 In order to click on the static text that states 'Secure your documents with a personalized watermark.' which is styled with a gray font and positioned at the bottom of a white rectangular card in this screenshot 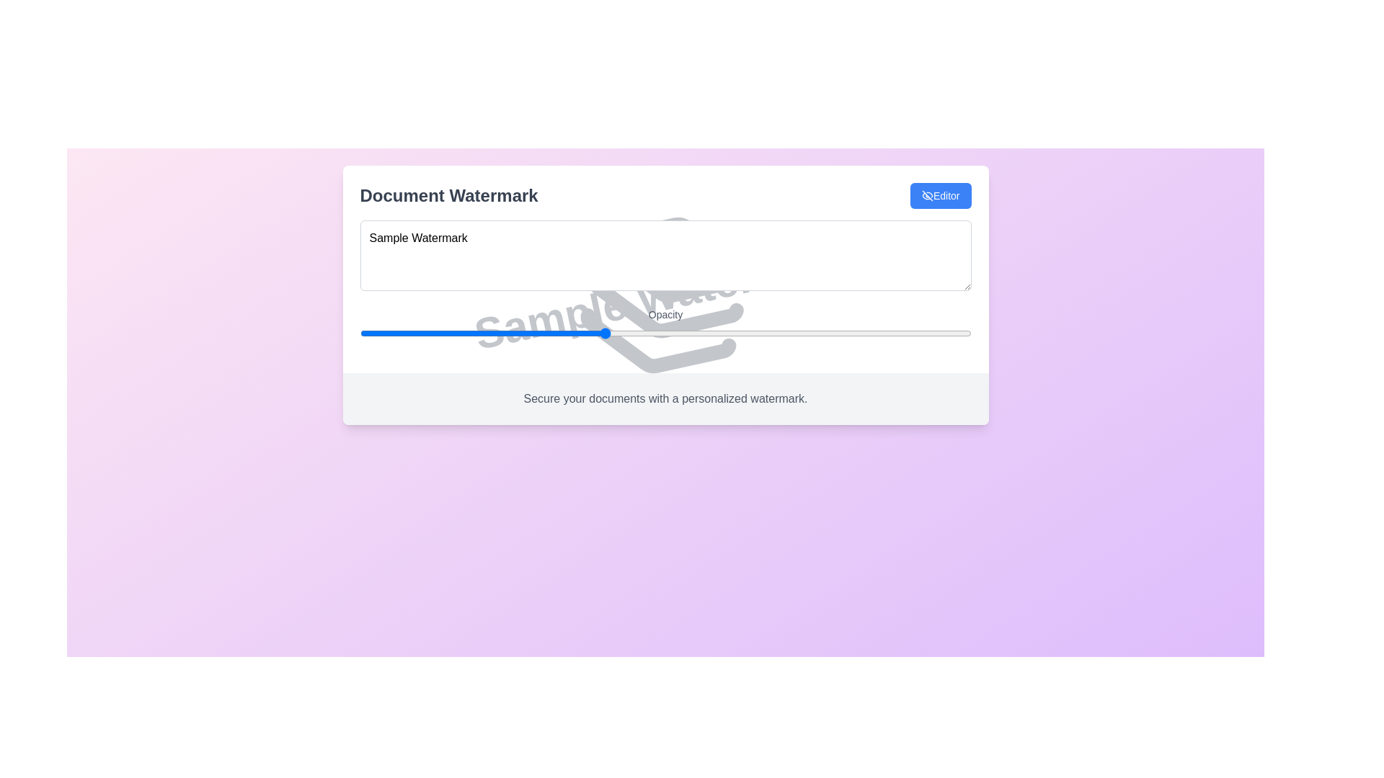, I will do `click(665, 399)`.